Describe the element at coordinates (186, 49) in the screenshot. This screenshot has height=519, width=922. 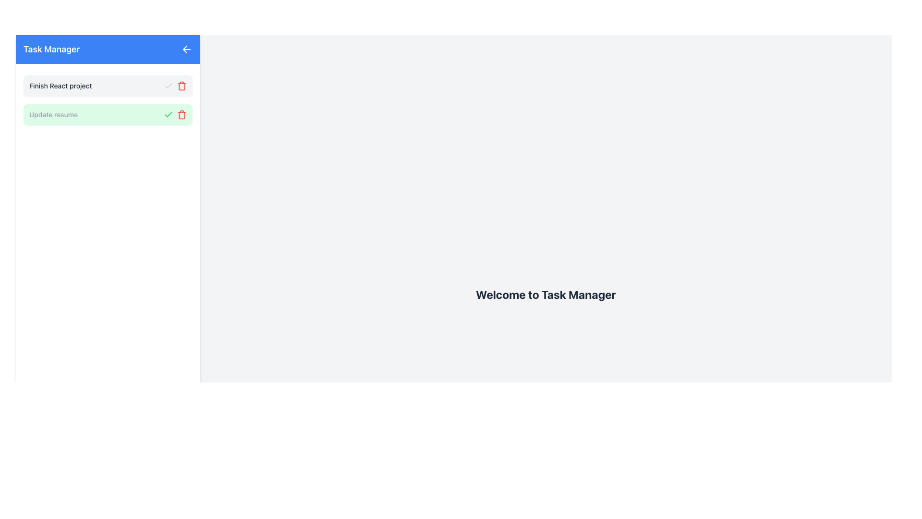
I see `the leftward-pointing arrow icon button, which is styled with white color on a blue background, located on the right side of the top bar containing the 'Task Manager' text` at that location.